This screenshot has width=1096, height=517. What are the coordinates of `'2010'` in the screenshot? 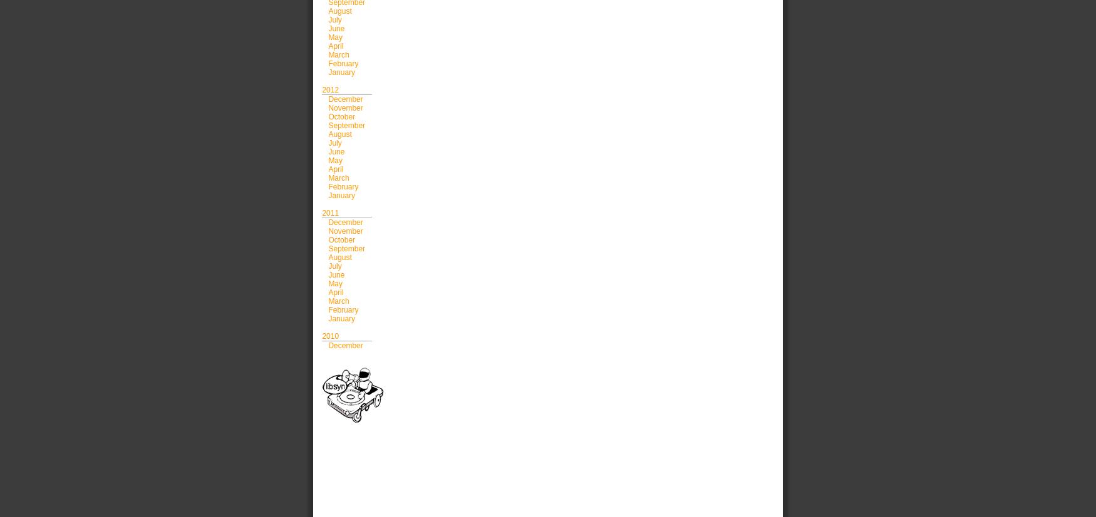 It's located at (329, 335).